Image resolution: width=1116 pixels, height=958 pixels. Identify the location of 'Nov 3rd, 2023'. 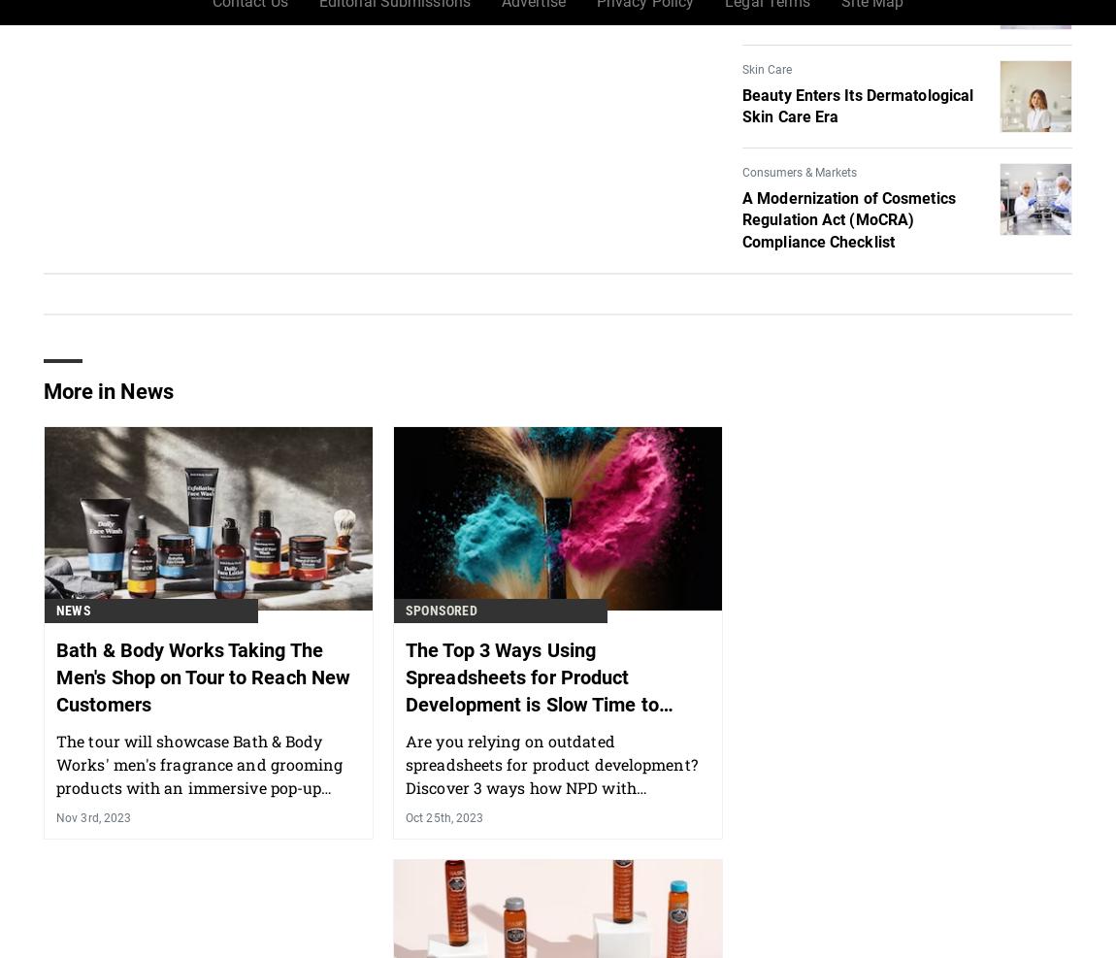
(54, 919).